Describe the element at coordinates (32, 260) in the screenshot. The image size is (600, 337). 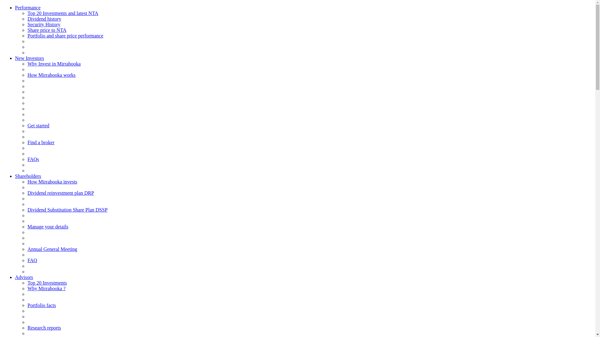
I see `'FAQ'` at that location.